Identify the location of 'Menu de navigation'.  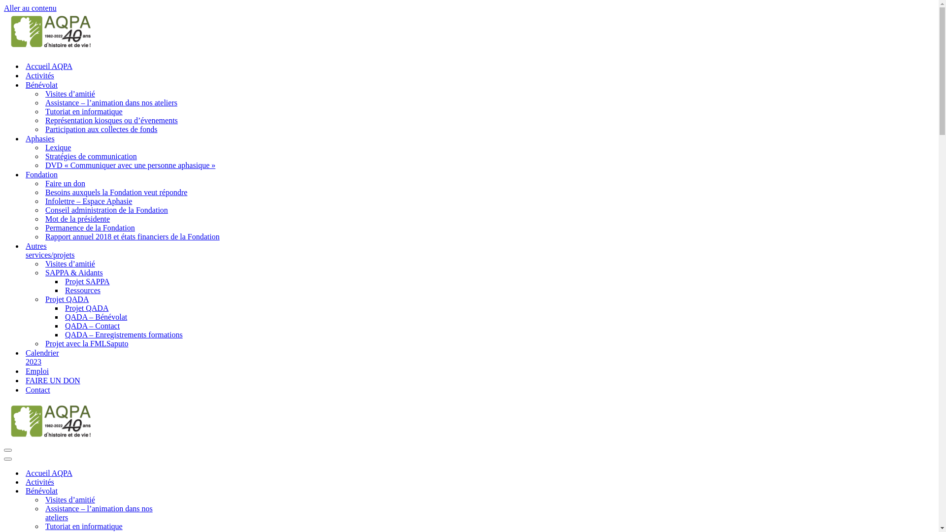
(7, 450).